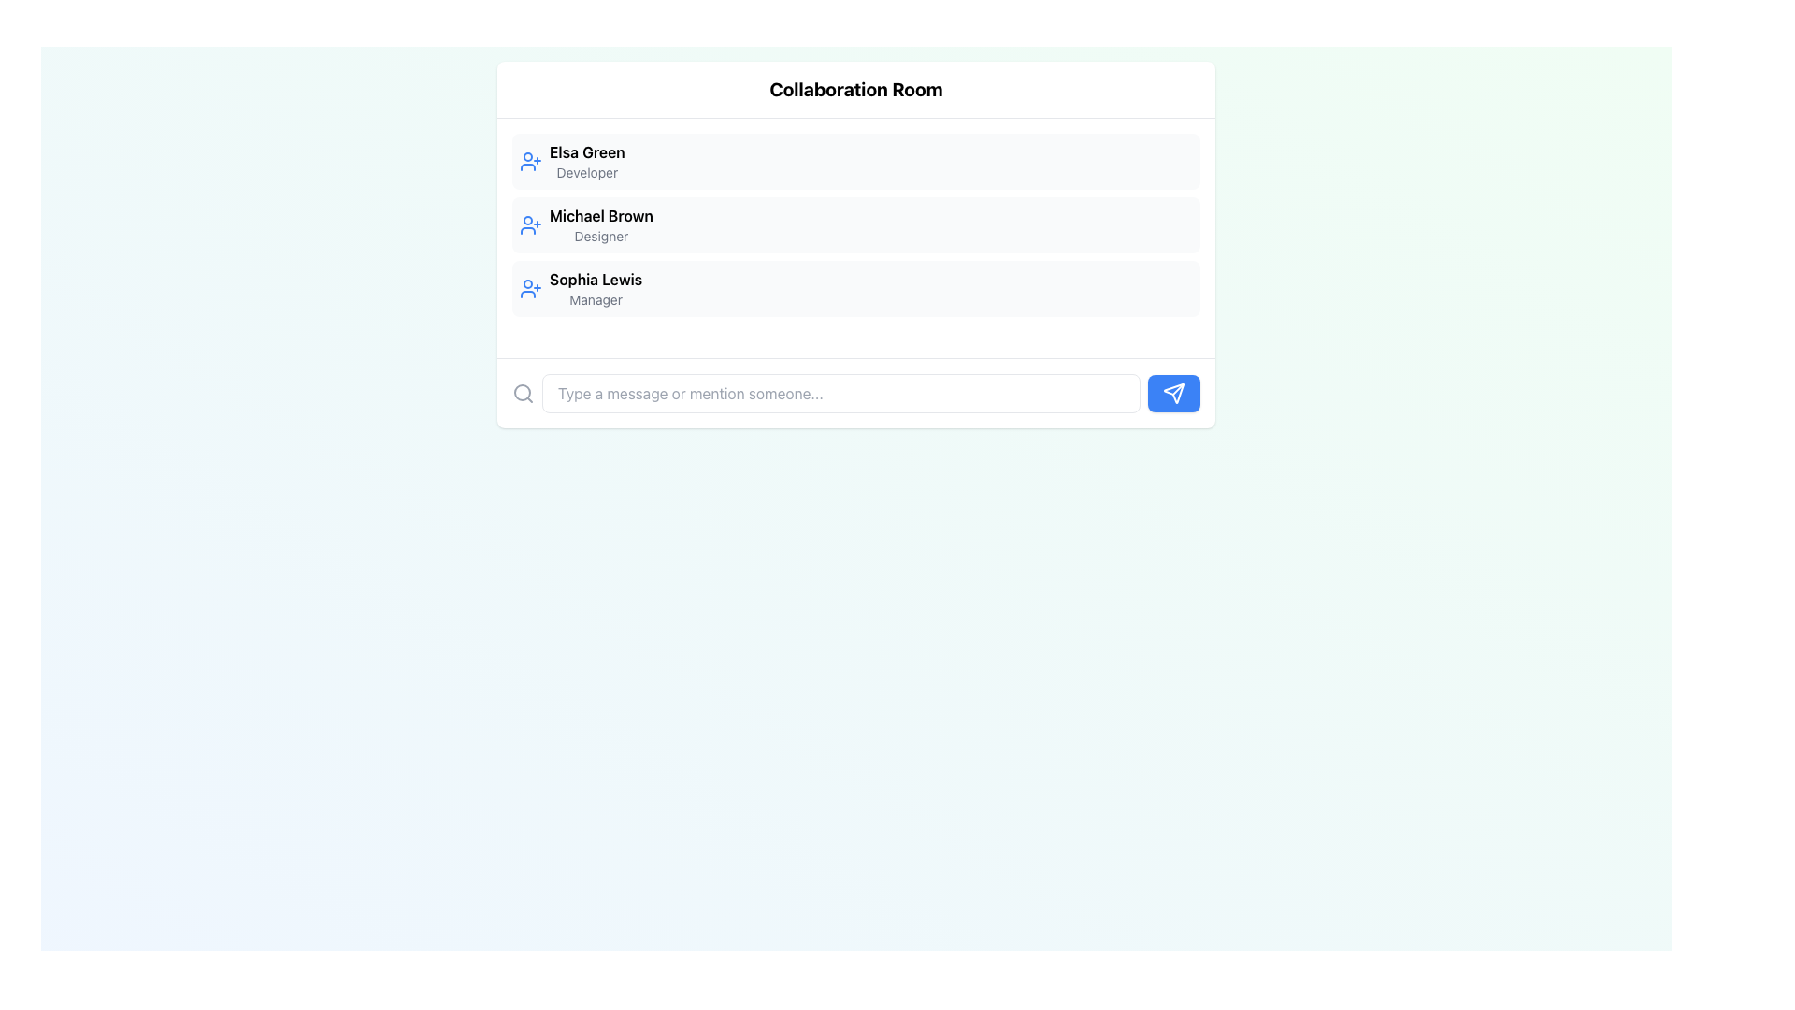 The width and height of the screenshot is (1795, 1010). What do you see at coordinates (1173, 392) in the screenshot?
I see `the send message icon embedded within the button located in the bottom-right corner of the chat input area` at bounding box center [1173, 392].